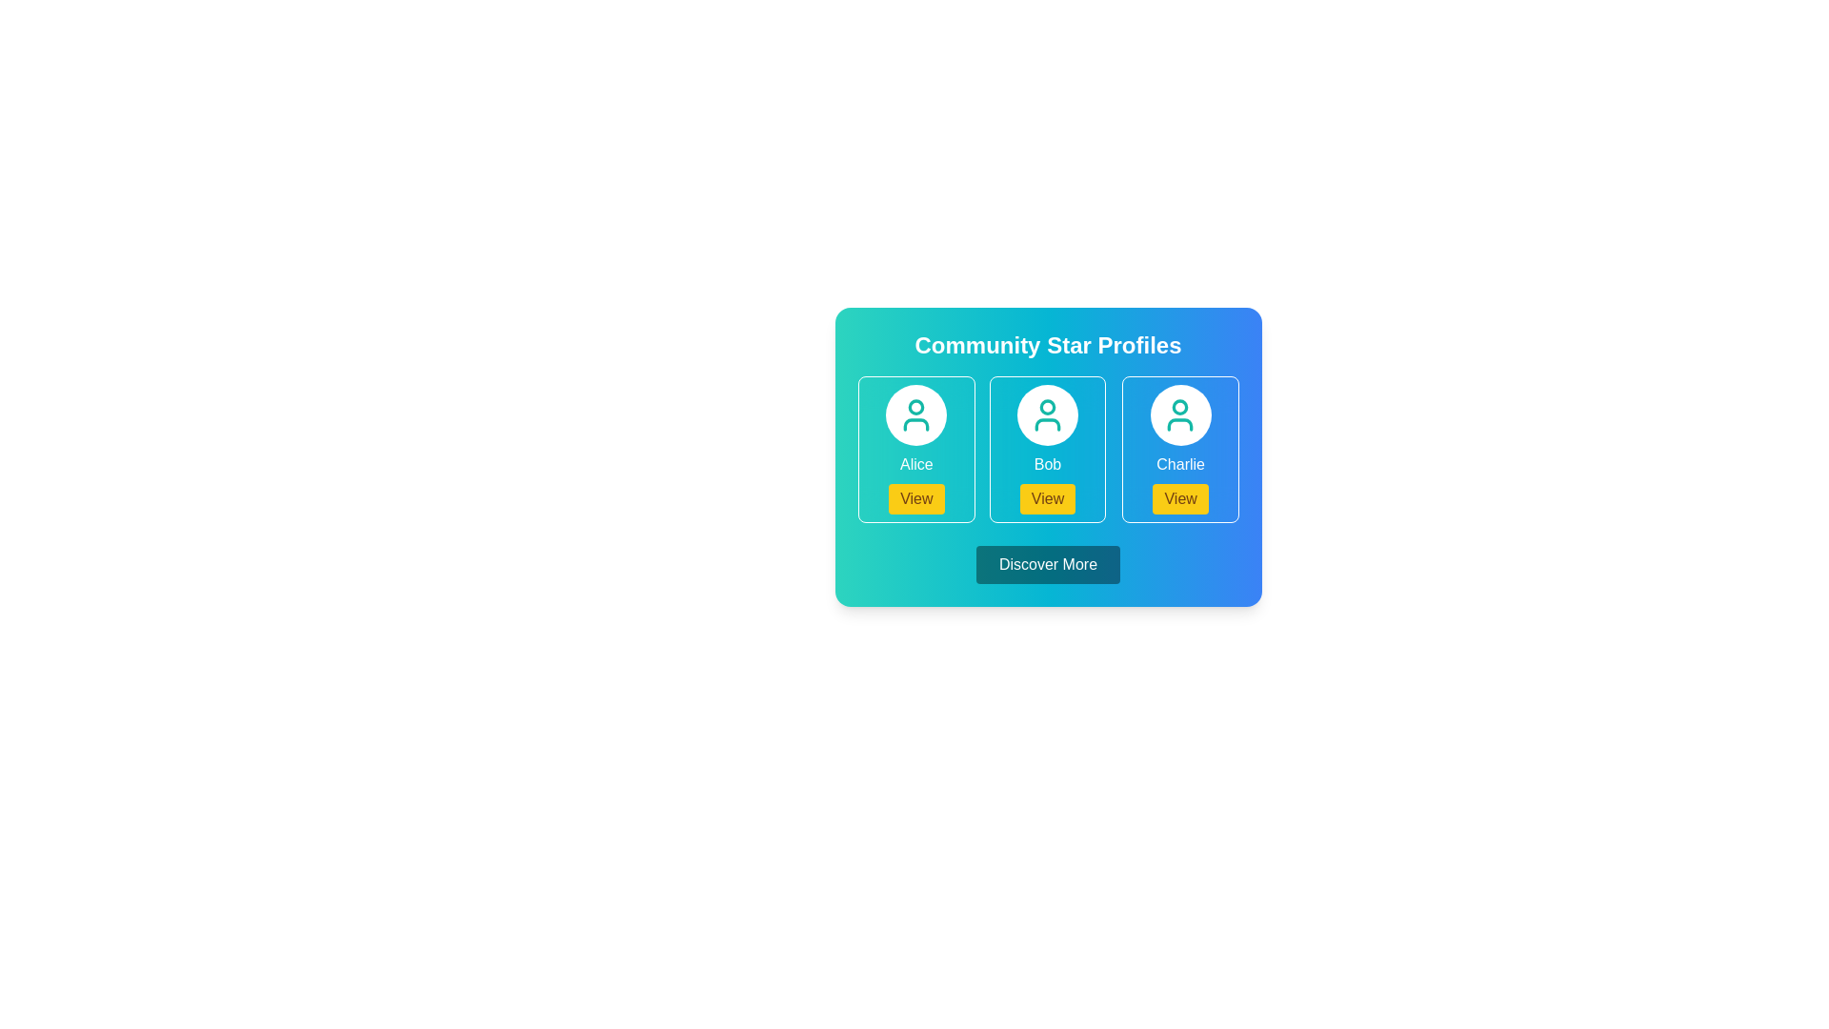 The width and height of the screenshot is (1829, 1029). Describe the element at coordinates (1178, 414) in the screenshot. I see `the user profile icon located above the text 'Charlie' and the button labeled 'View' in the rightmost column of the layout` at that location.